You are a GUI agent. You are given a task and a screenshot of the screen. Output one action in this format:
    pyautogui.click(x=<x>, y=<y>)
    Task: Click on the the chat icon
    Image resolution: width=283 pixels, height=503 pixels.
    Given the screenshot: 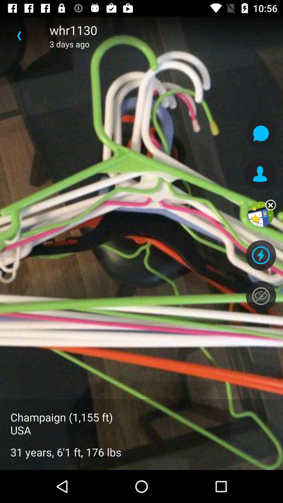 What is the action you would take?
    pyautogui.click(x=261, y=133)
    